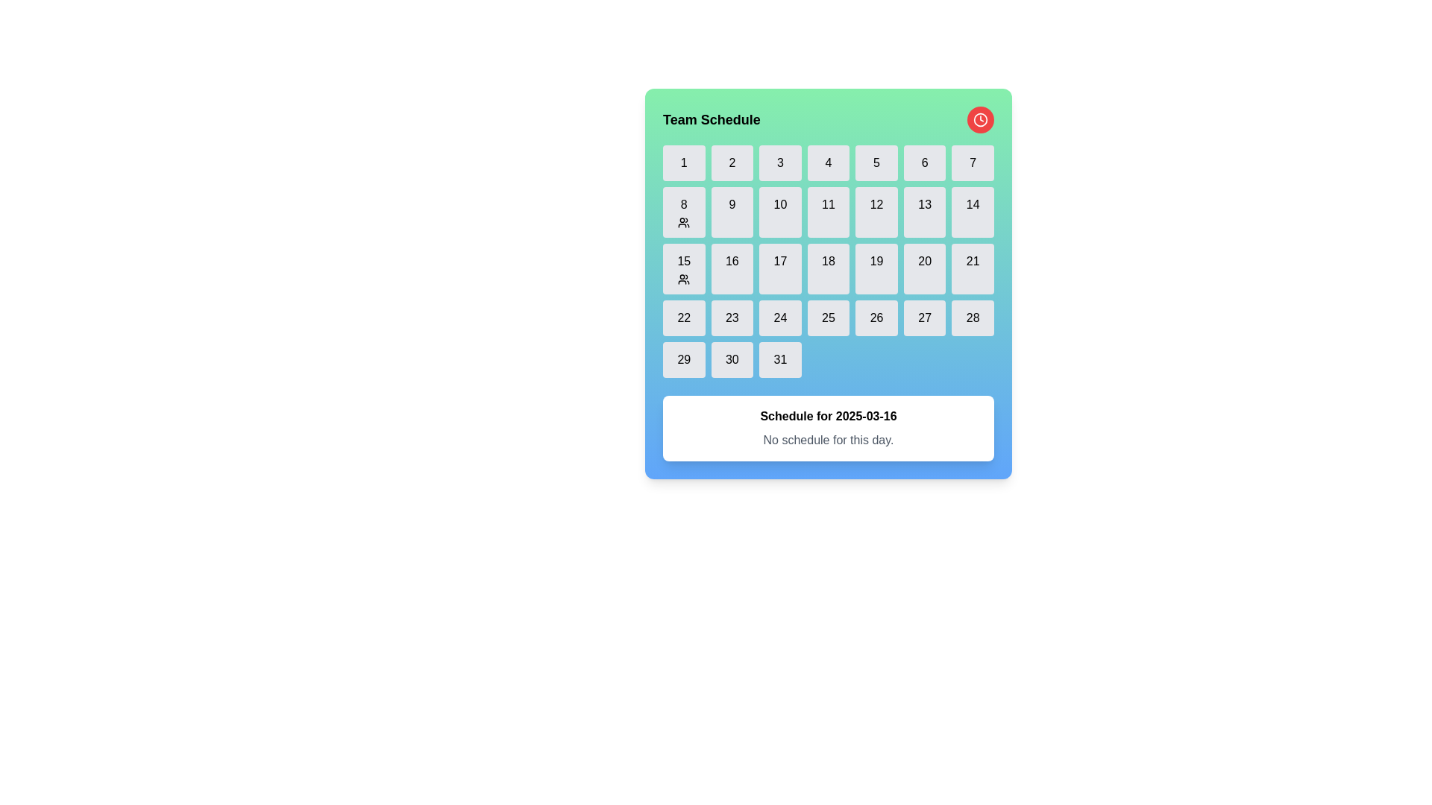  What do you see at coordinates (924, 318) in the screenshot?
I see `the text displaying the number '27' which is centered within a light gray rounded rectangle button in the bottom row of the calendar grid` at bounding box center [924, 318].